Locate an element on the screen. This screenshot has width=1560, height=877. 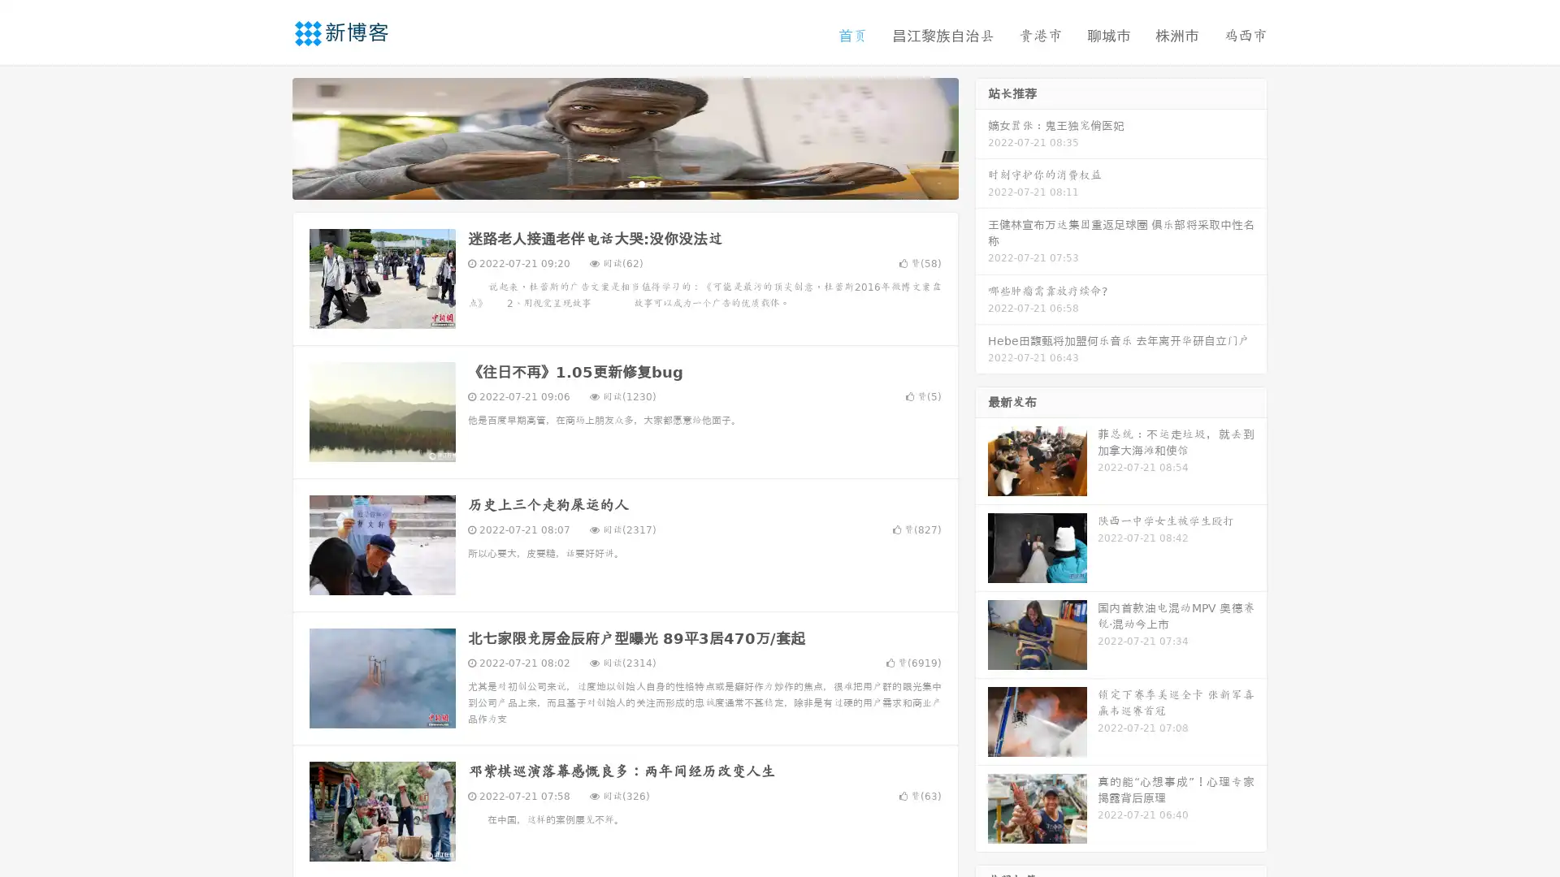
Go to slide 1 is located at coordinates (608, 183).